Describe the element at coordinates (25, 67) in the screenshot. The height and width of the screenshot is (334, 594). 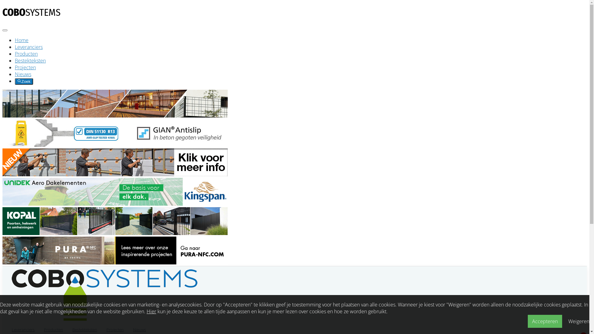
I see `'Projecten'` at that location.